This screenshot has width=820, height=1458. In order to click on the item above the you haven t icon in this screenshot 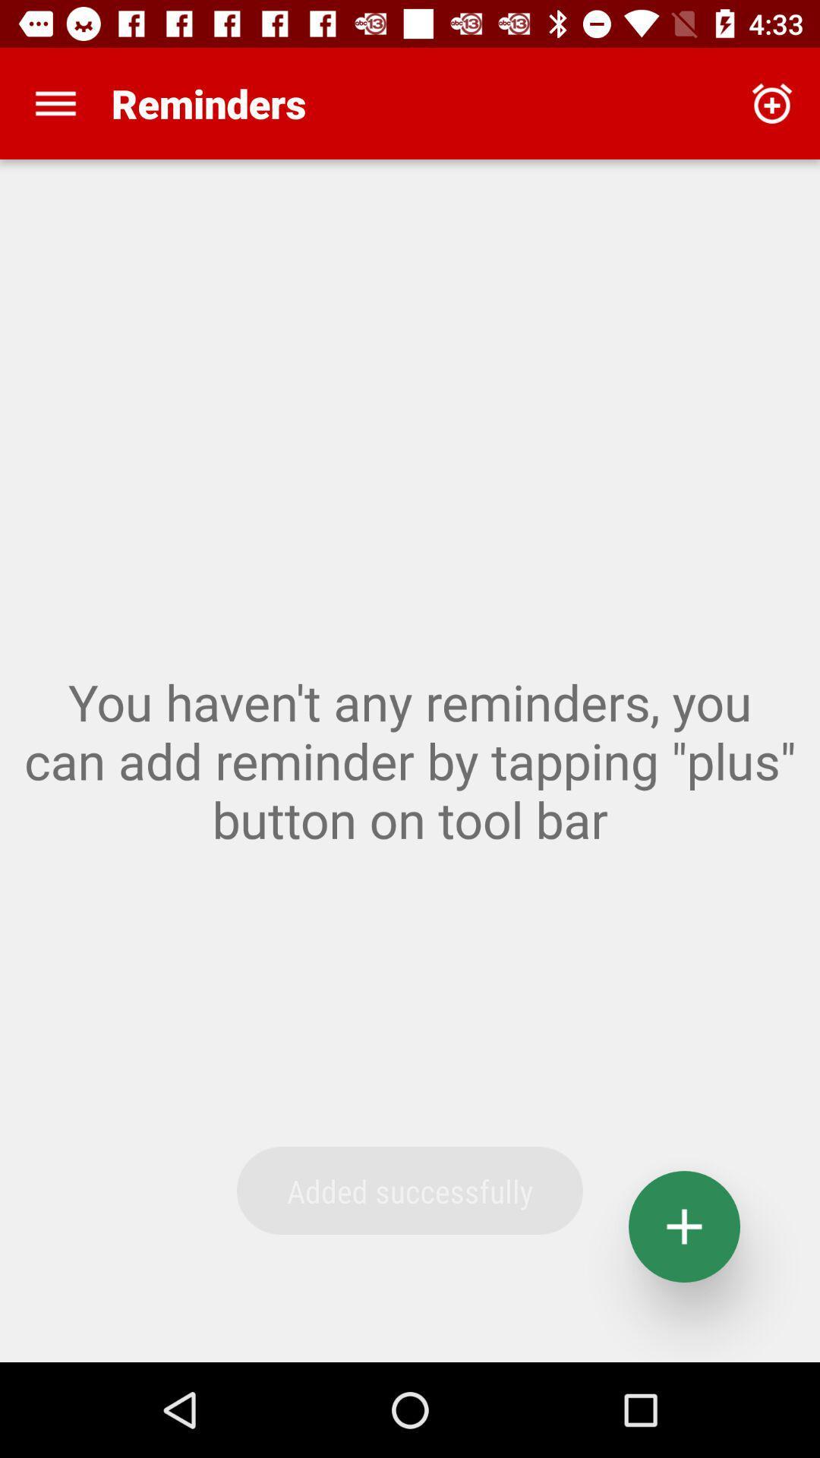, I will do `click(772, 103)`.